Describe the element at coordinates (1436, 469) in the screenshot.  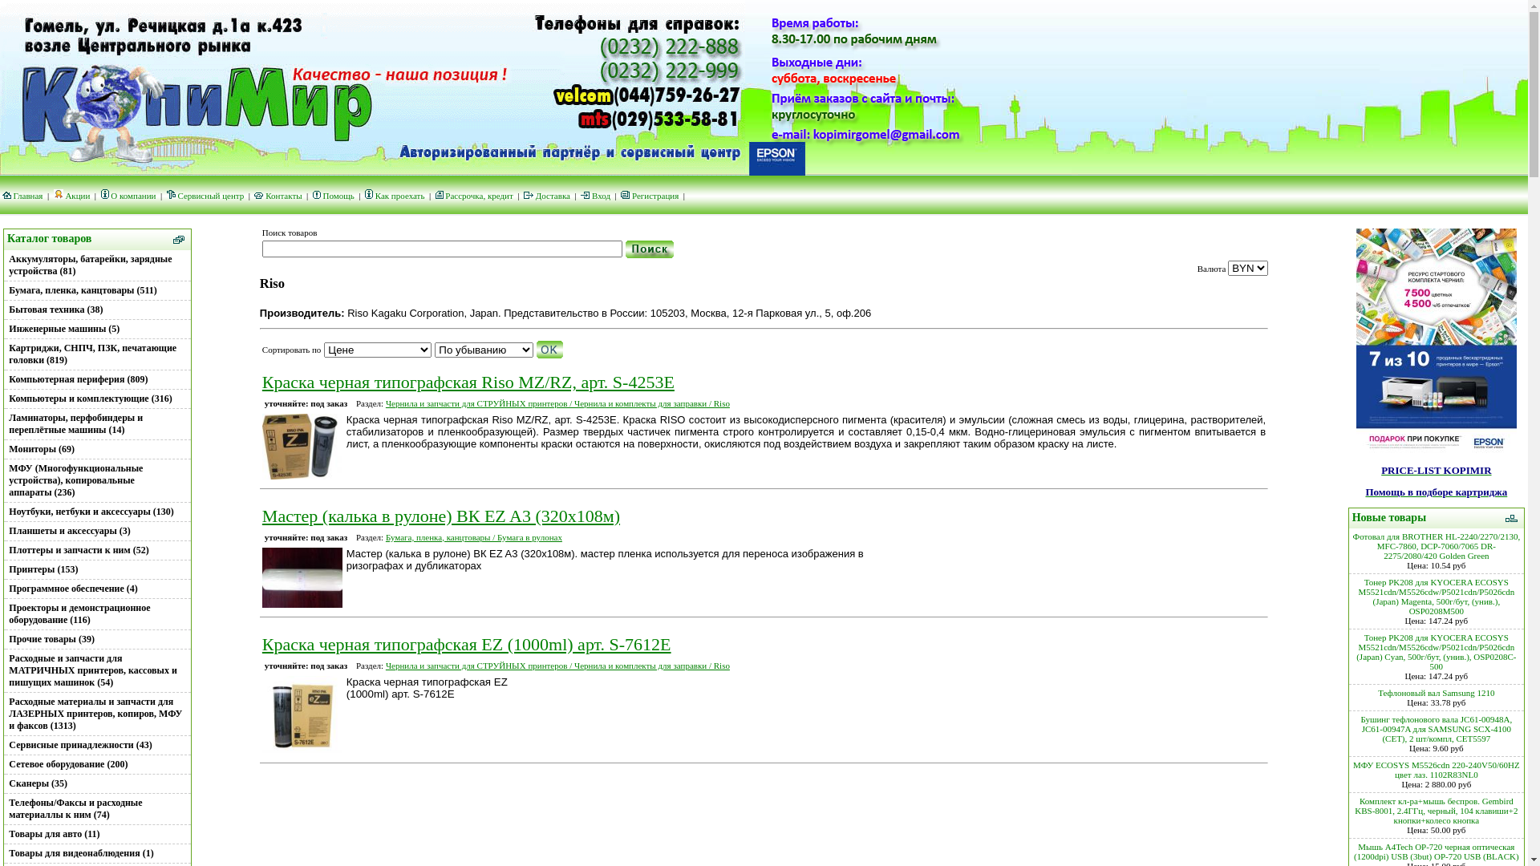
I see `'PRICE-LIST KOPIMIR'` at that location.